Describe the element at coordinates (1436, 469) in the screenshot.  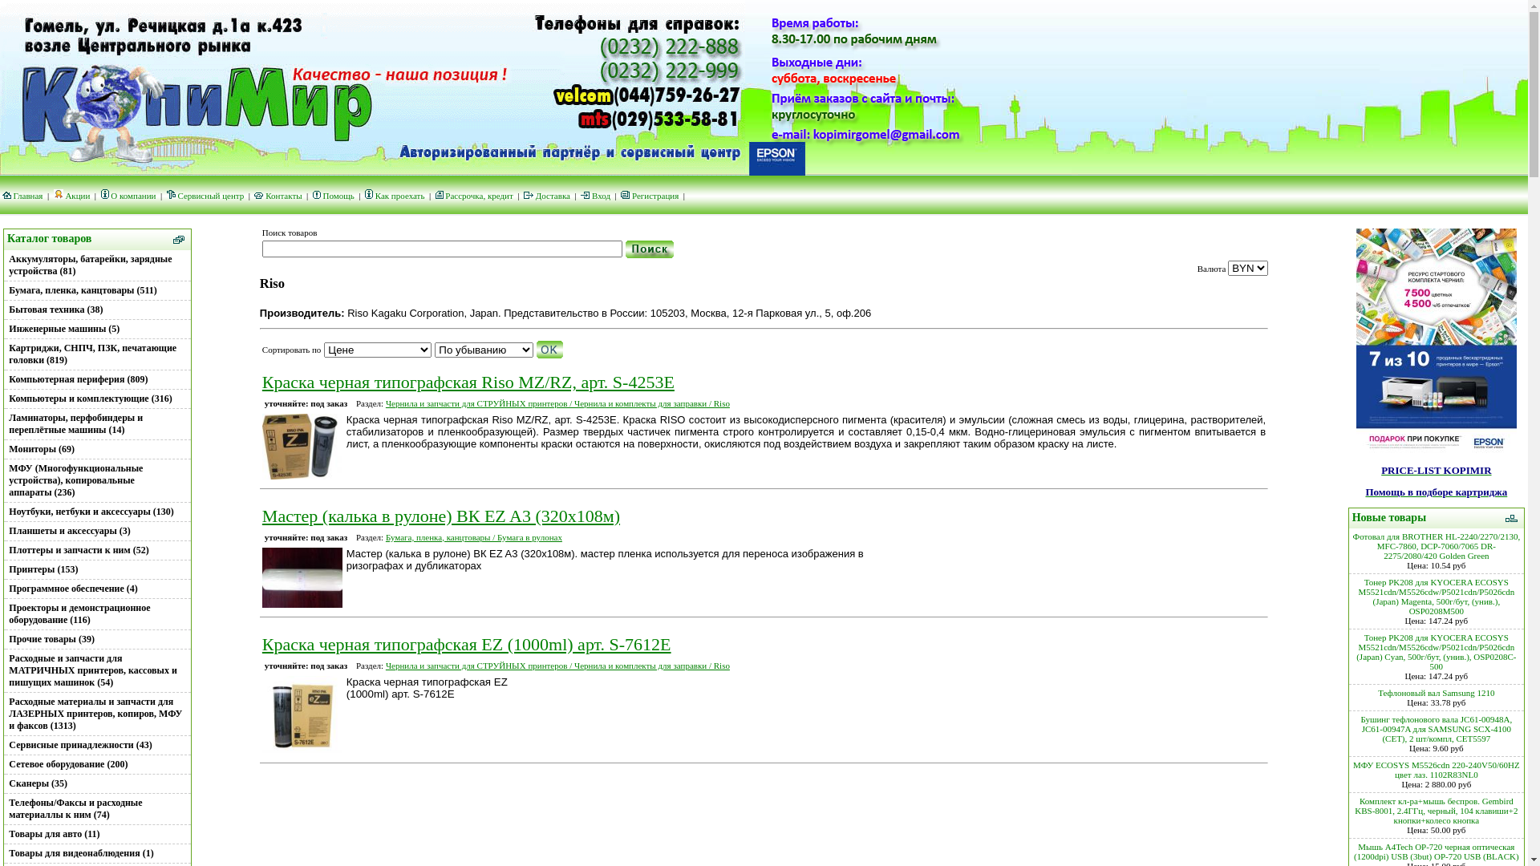
I see `'PRICE-LIST KOPIMIR'` at that location.